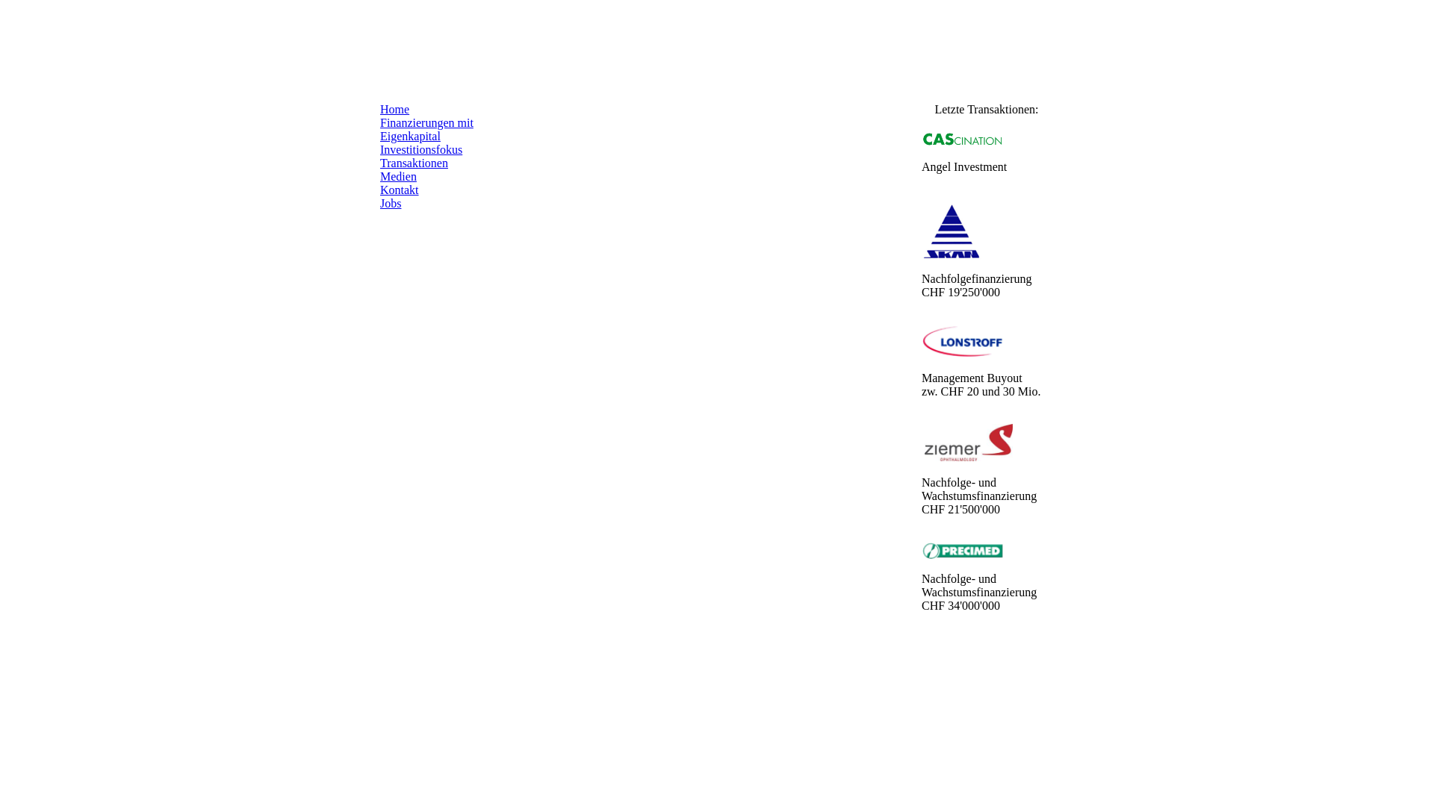 The image size is (1434, 806). I want to click on 'Kontakt', so click(399, 189).